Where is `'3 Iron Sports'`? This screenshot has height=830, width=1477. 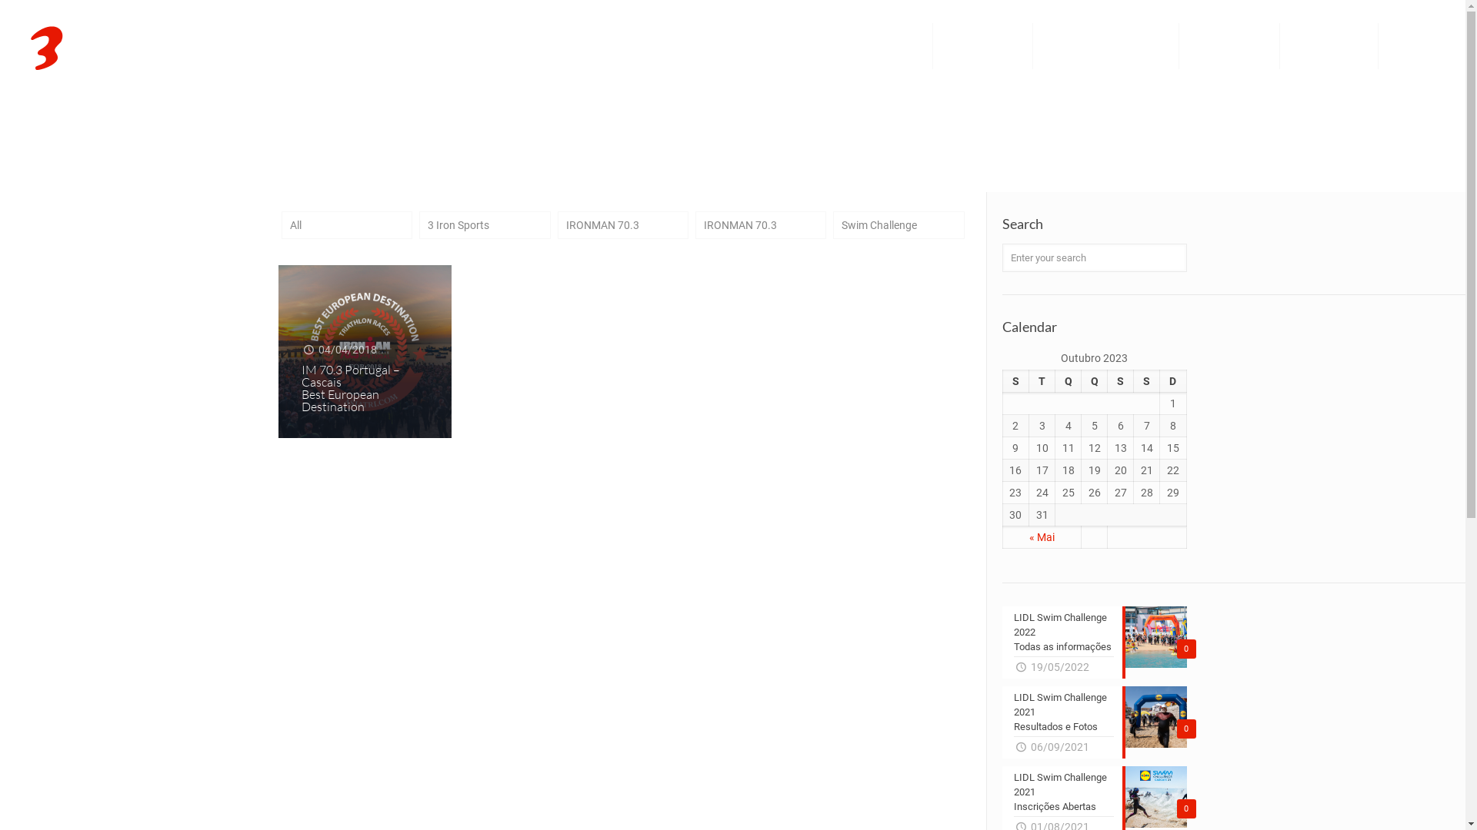
'3 Iron Sports' is located at coordinates (483, 224).